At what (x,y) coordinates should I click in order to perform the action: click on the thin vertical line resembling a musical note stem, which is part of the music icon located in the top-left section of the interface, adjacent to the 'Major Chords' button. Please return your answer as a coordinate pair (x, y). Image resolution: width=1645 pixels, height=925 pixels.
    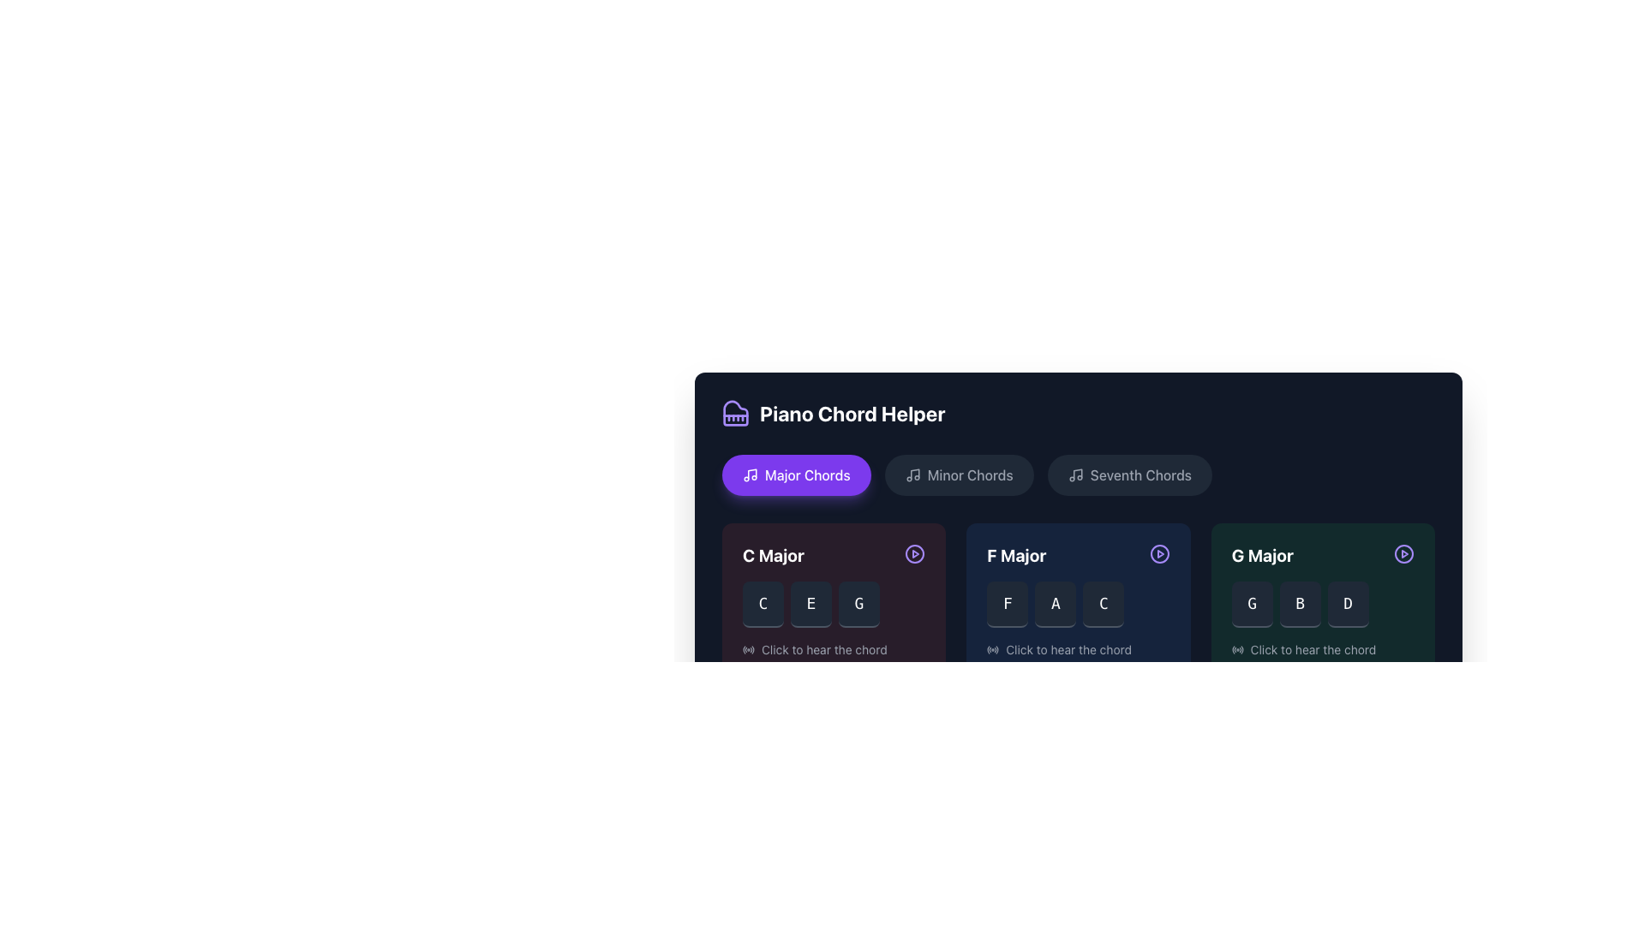
    Looking at the image, I should click on (752, 474).